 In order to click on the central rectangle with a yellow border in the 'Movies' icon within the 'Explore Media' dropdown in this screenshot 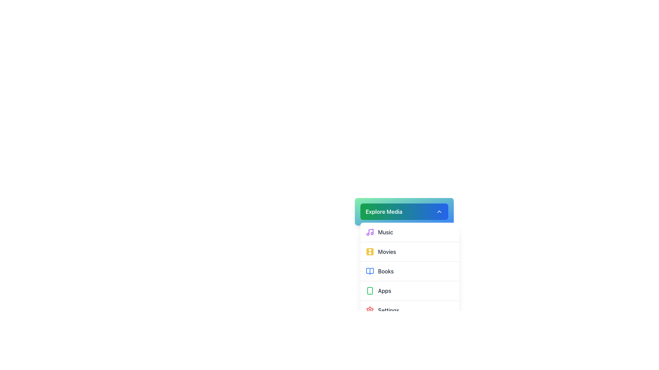, I will do `click(369, 252)`.